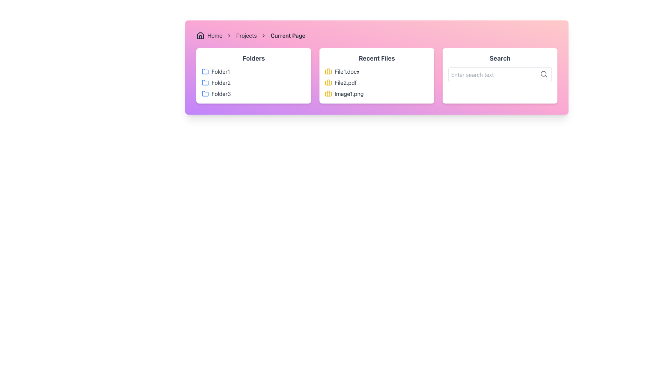  I want to click on the text label displaying the file name 'Image1.png', so click(349, 93).